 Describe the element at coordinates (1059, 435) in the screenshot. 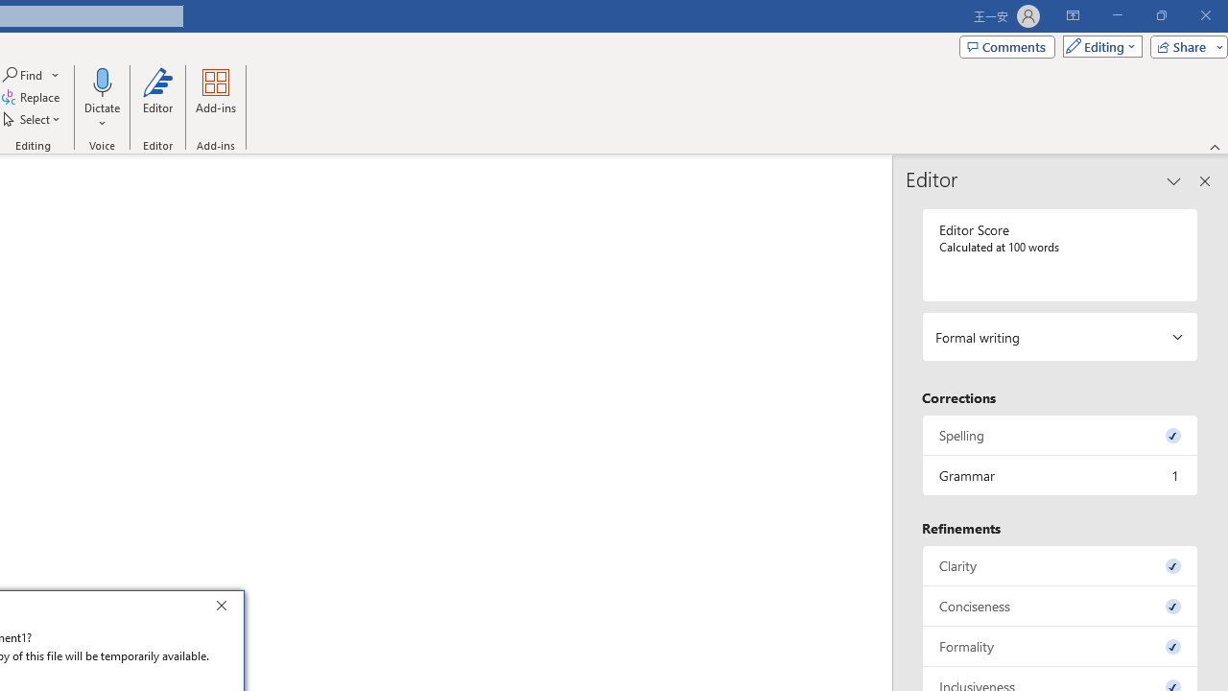

I see `'Spelling, 0 issues. Press space or enter to review items.'` at that location.